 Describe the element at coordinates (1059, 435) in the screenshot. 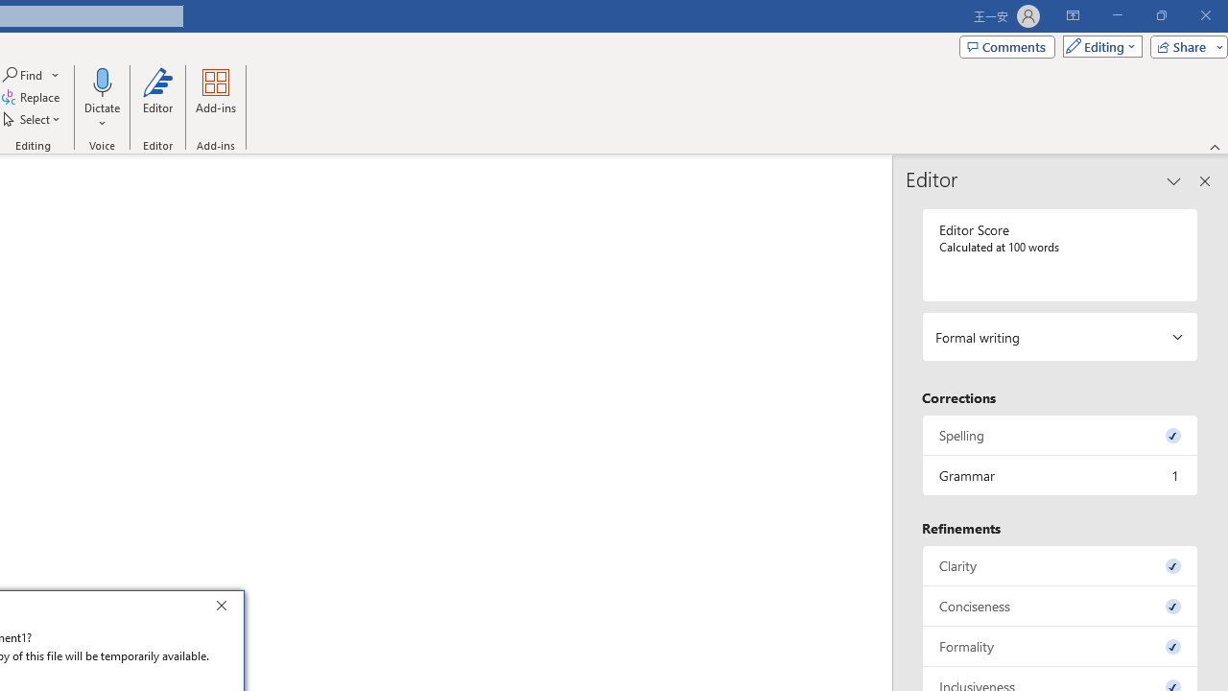

I see `'Spelling, 0 issues. Press space or enter to review items.'` at that location.